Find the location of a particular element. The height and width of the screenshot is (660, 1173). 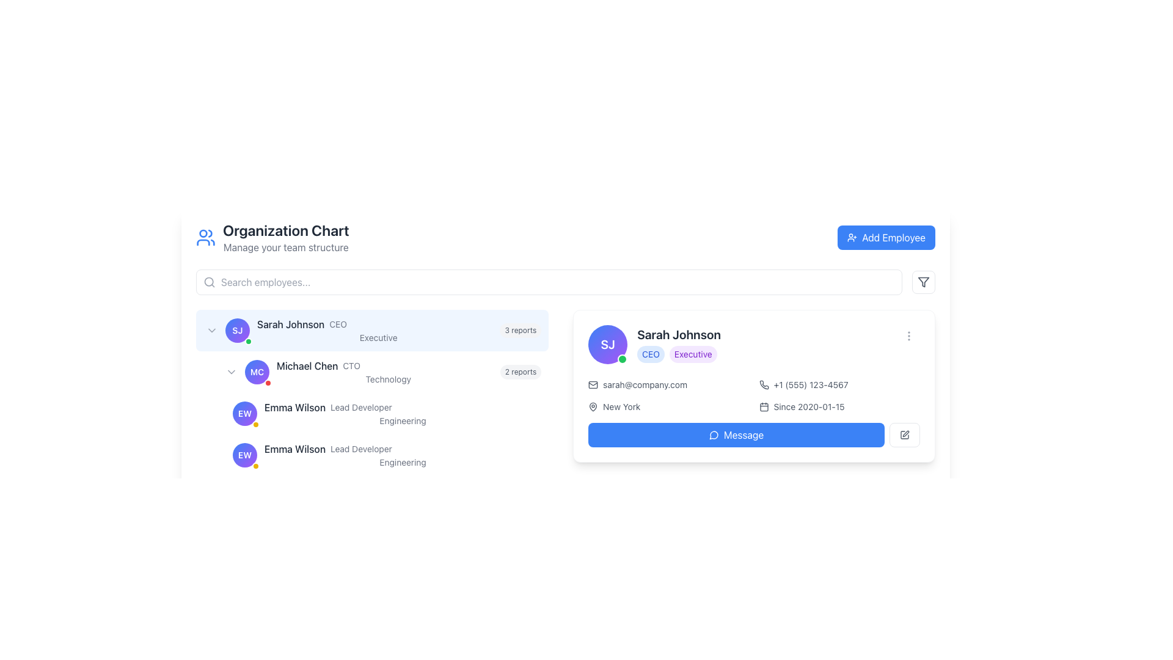

the text label displaying 'Technology', which is styled in gray and positioned below 'Michael Chen CTO' is located at coordinates (387, 379).